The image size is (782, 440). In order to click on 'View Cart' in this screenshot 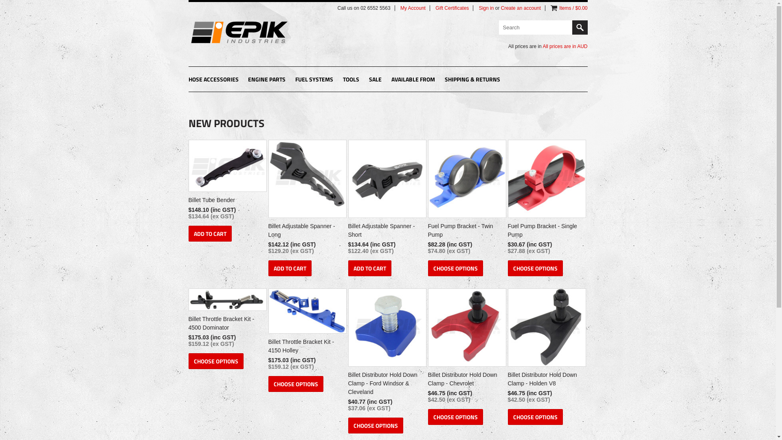, I will do `click(554, 8)`.